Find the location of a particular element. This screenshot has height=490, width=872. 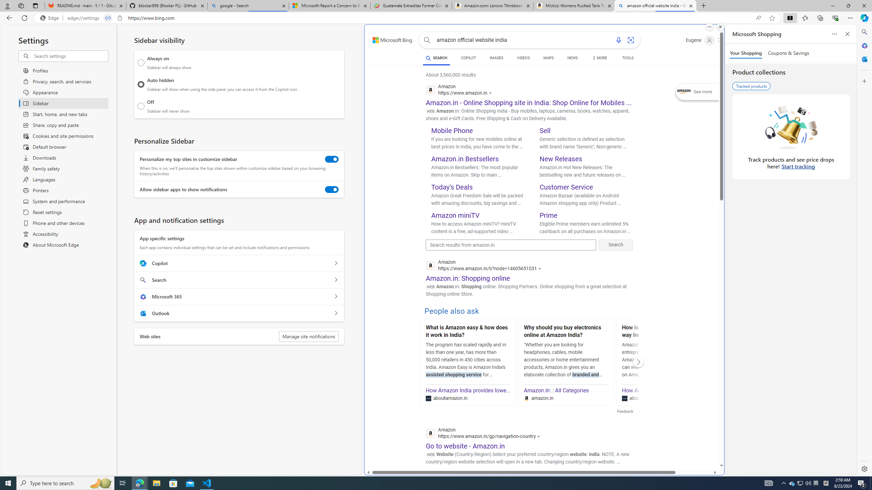

'Amazon miniTV' is located at coordinates (455, 215).